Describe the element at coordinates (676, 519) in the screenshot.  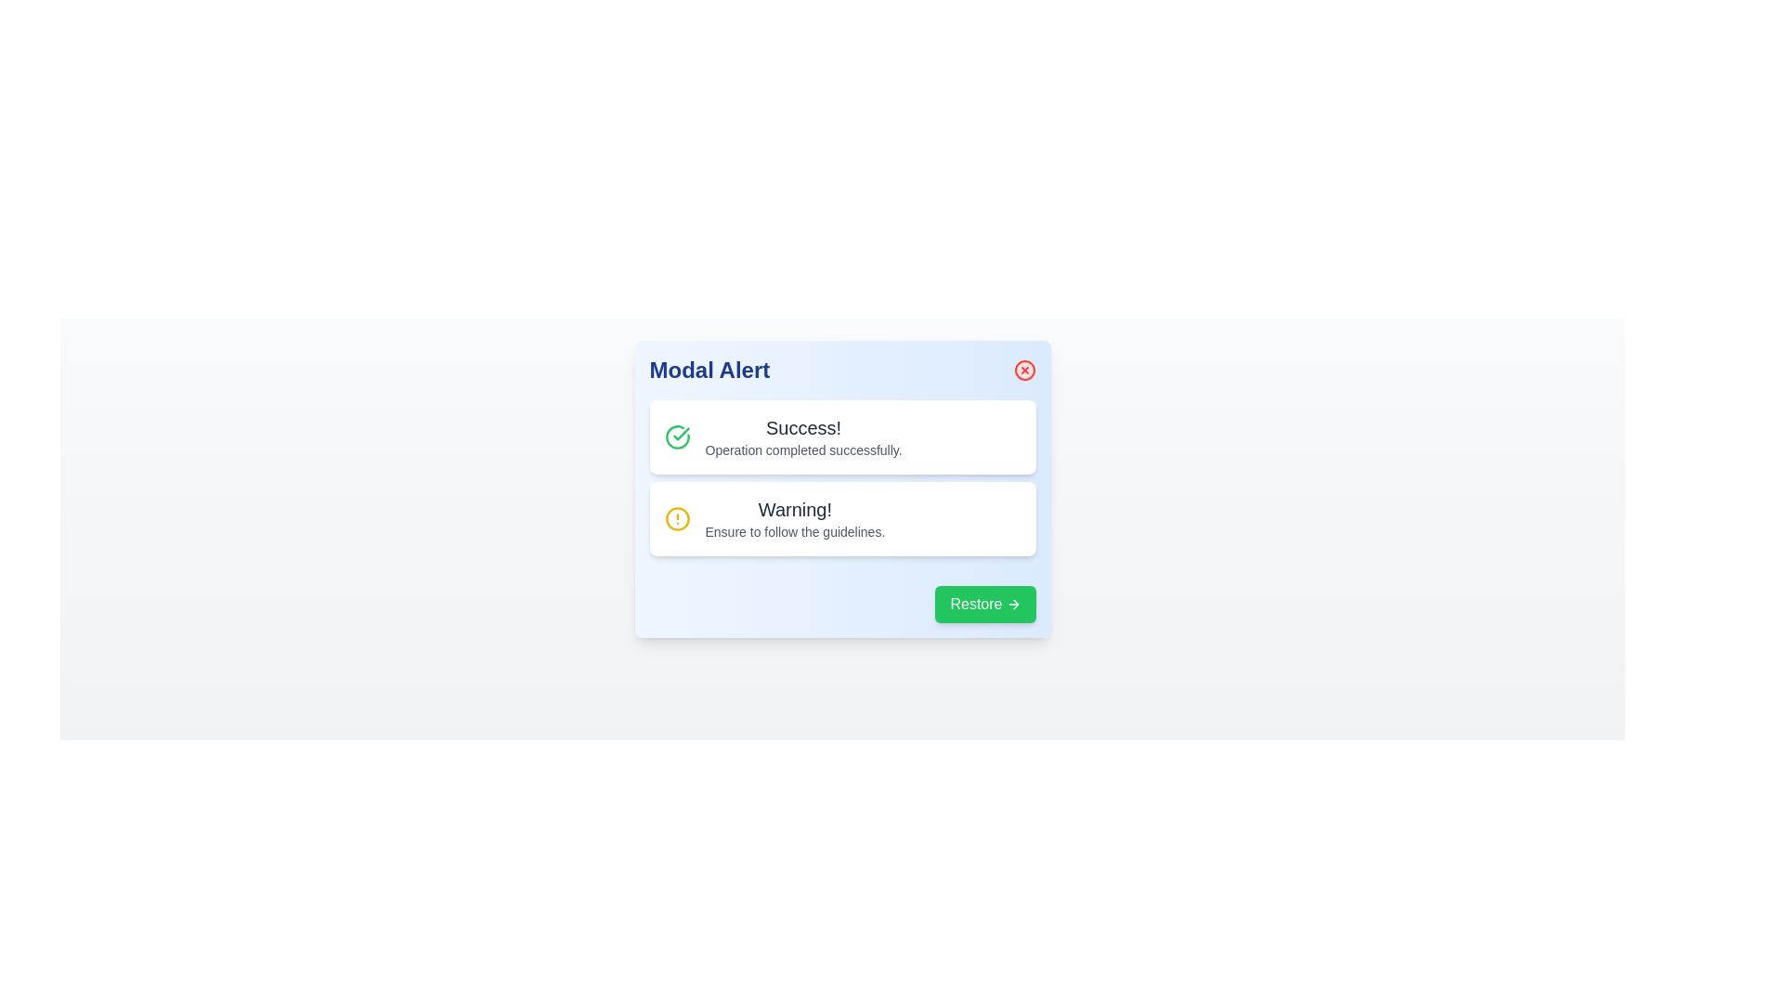
I see `the alert icon located to the left of the 'Warning! Ensure to follow the guidelines.' text in the white notification card within the modal dialog box` at that location.